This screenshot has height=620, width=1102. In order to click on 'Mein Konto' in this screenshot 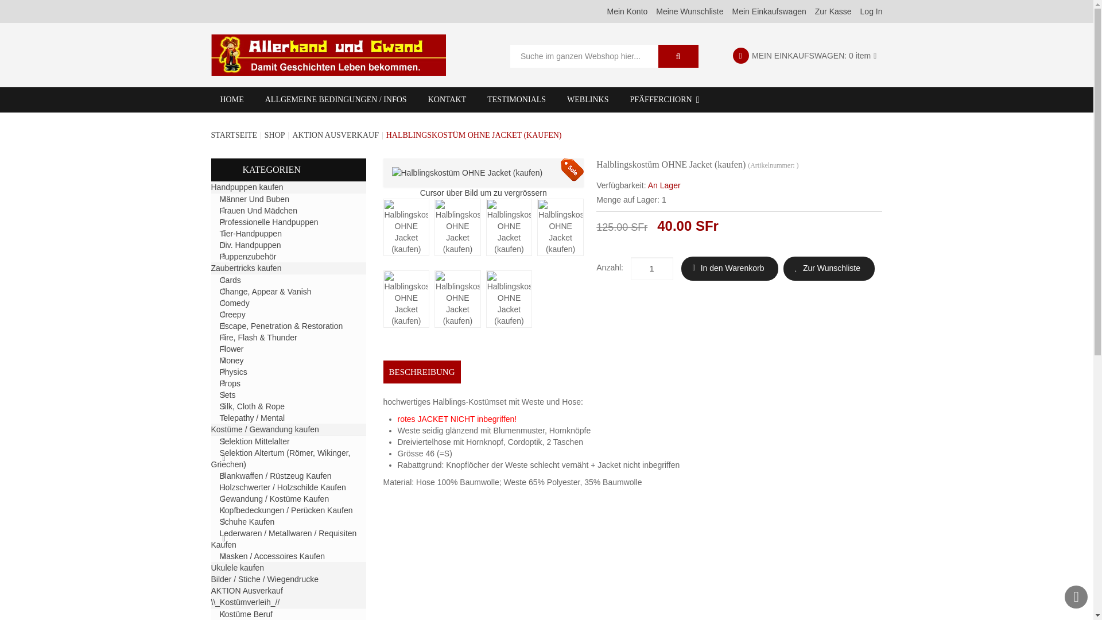, I will do `click(626, 11)`.